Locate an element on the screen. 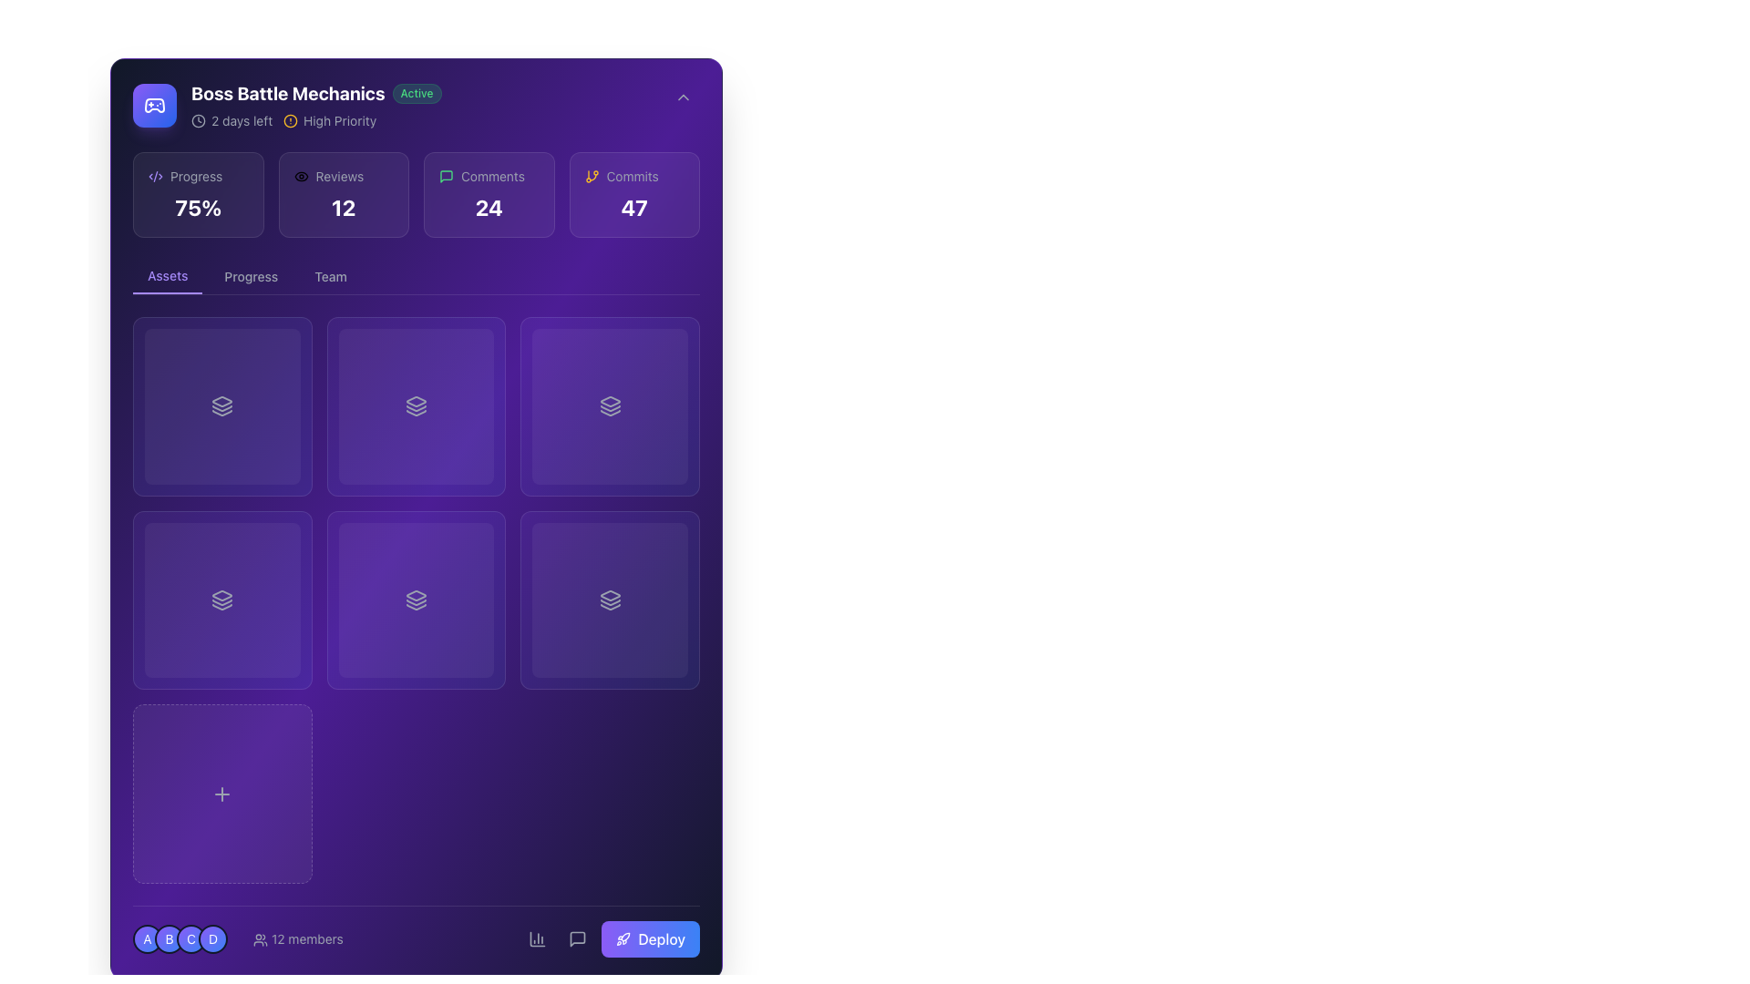 This screenshot has width=1750, height=984. the Card with a purple background and a counter displaying '24' in bold white, which is the third card in a horizontal grid, located below the application title is located at coordinates (489, 194).